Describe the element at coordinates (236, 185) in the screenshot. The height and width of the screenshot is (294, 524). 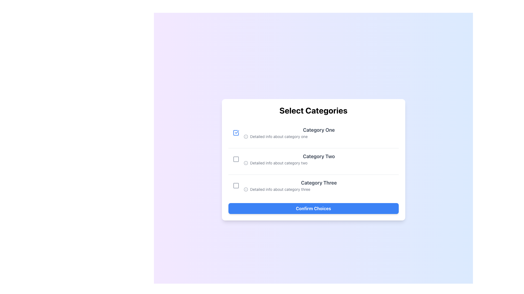
I see `the checkbox that selects or deselects the 'Category Three' option, located to the left of the 'Category Three' title` at that location.